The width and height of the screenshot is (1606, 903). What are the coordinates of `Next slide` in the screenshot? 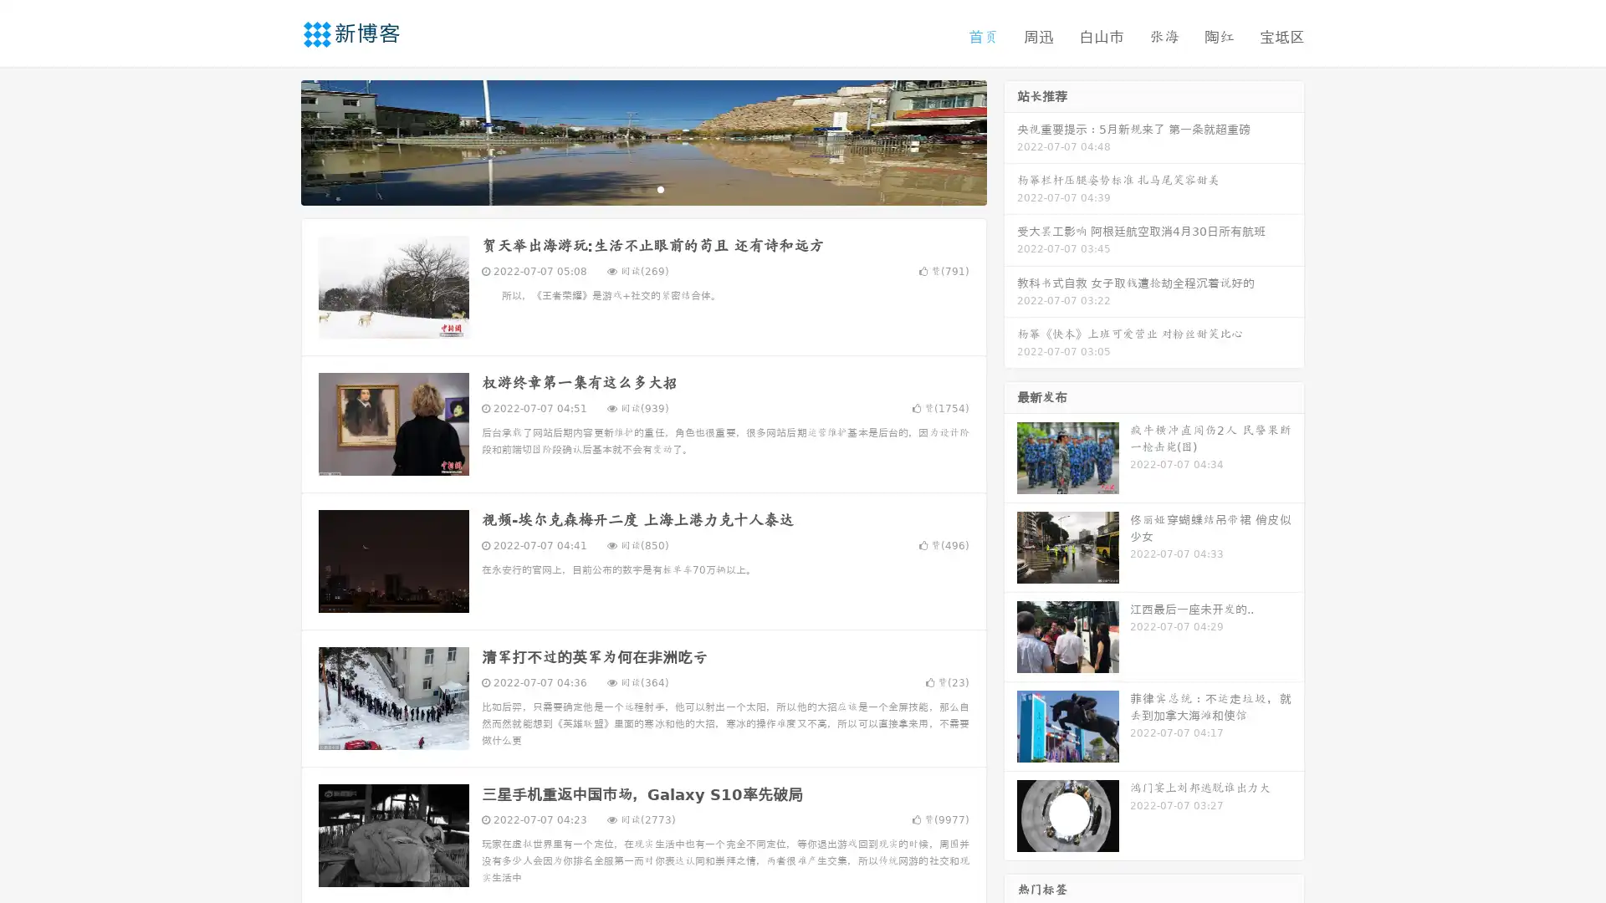 It's located at (1010, 140).